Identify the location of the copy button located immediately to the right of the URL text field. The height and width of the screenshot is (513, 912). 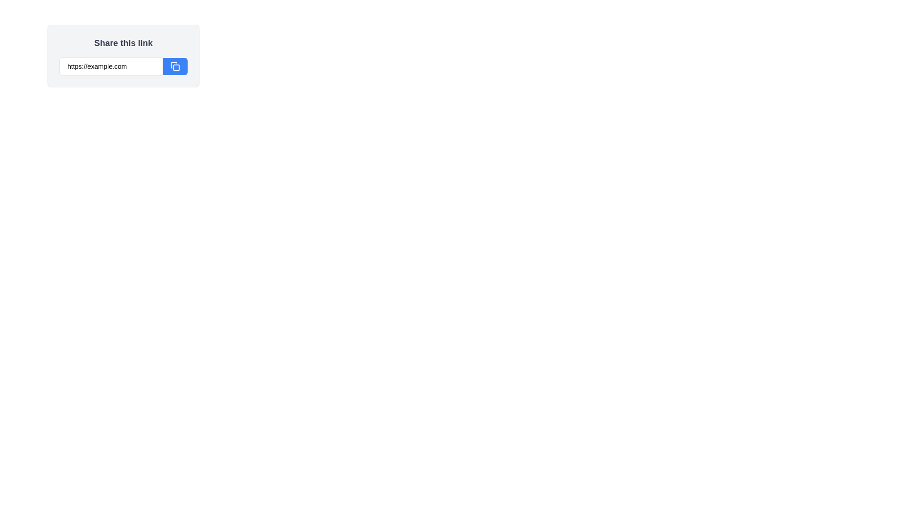
(175, 66).